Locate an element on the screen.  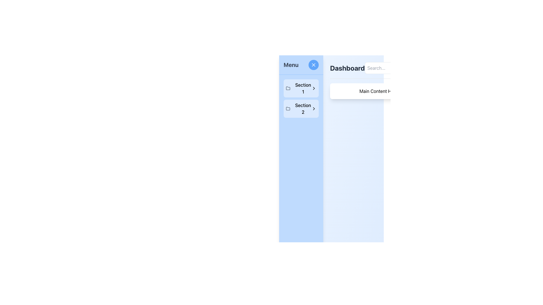
the first clickable menu item in the sidebar menu that expands or navigates to 'Section 1' is located at coordinates (301, 88).